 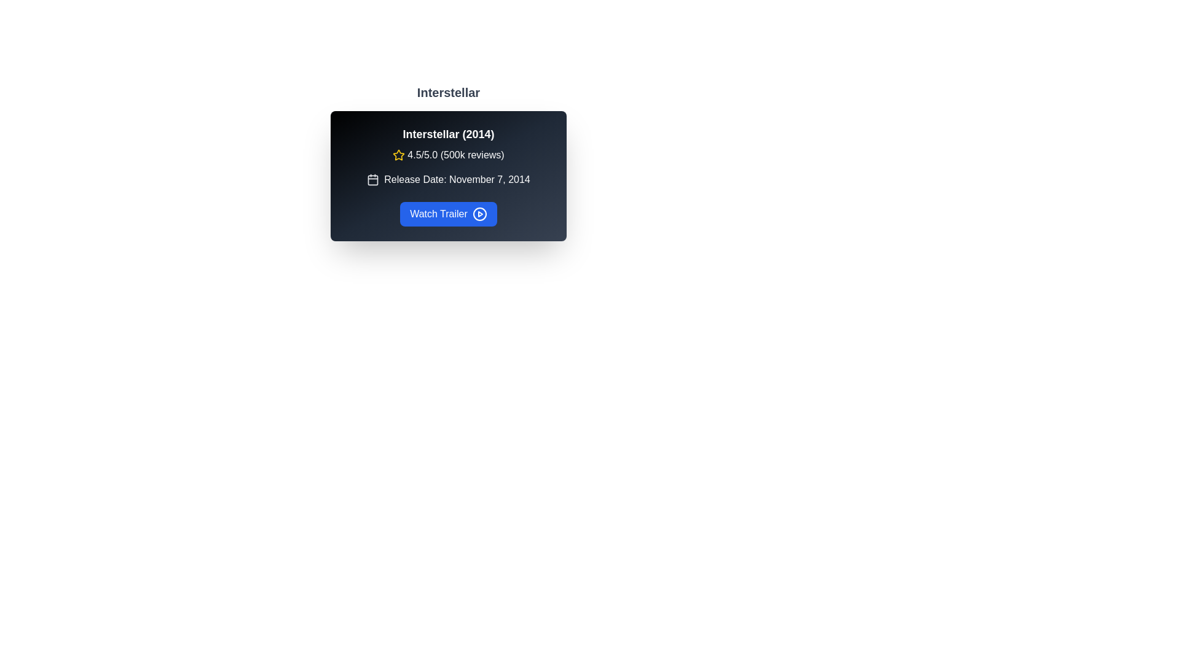 What do you see at coordinates (447, 134) in the screenshot?
I see `the Text Label that serves as the title of the movie card located at the top of the card layout` at bounding box center [447, 134].